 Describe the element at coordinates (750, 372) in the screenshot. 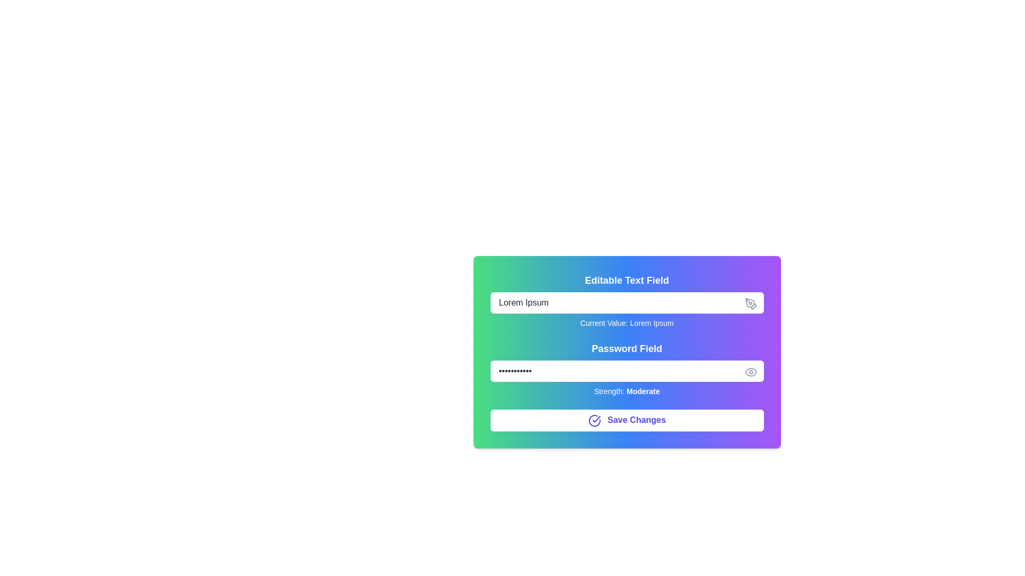

I see `the visibility toggle icon button located at the far-right side of the password input field` at that location.